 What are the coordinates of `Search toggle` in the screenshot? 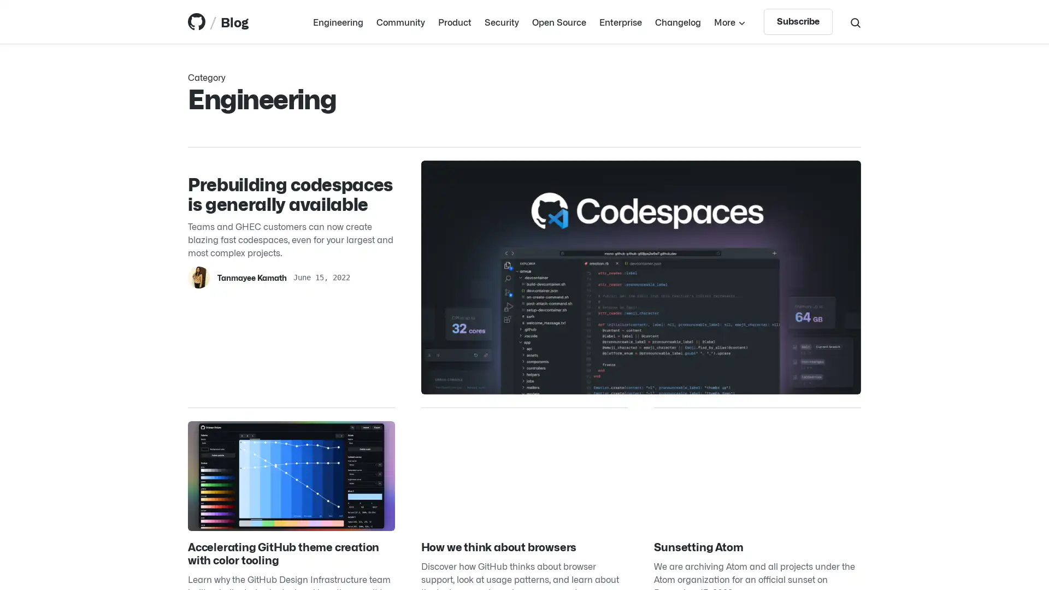 It's located at (854, 21).